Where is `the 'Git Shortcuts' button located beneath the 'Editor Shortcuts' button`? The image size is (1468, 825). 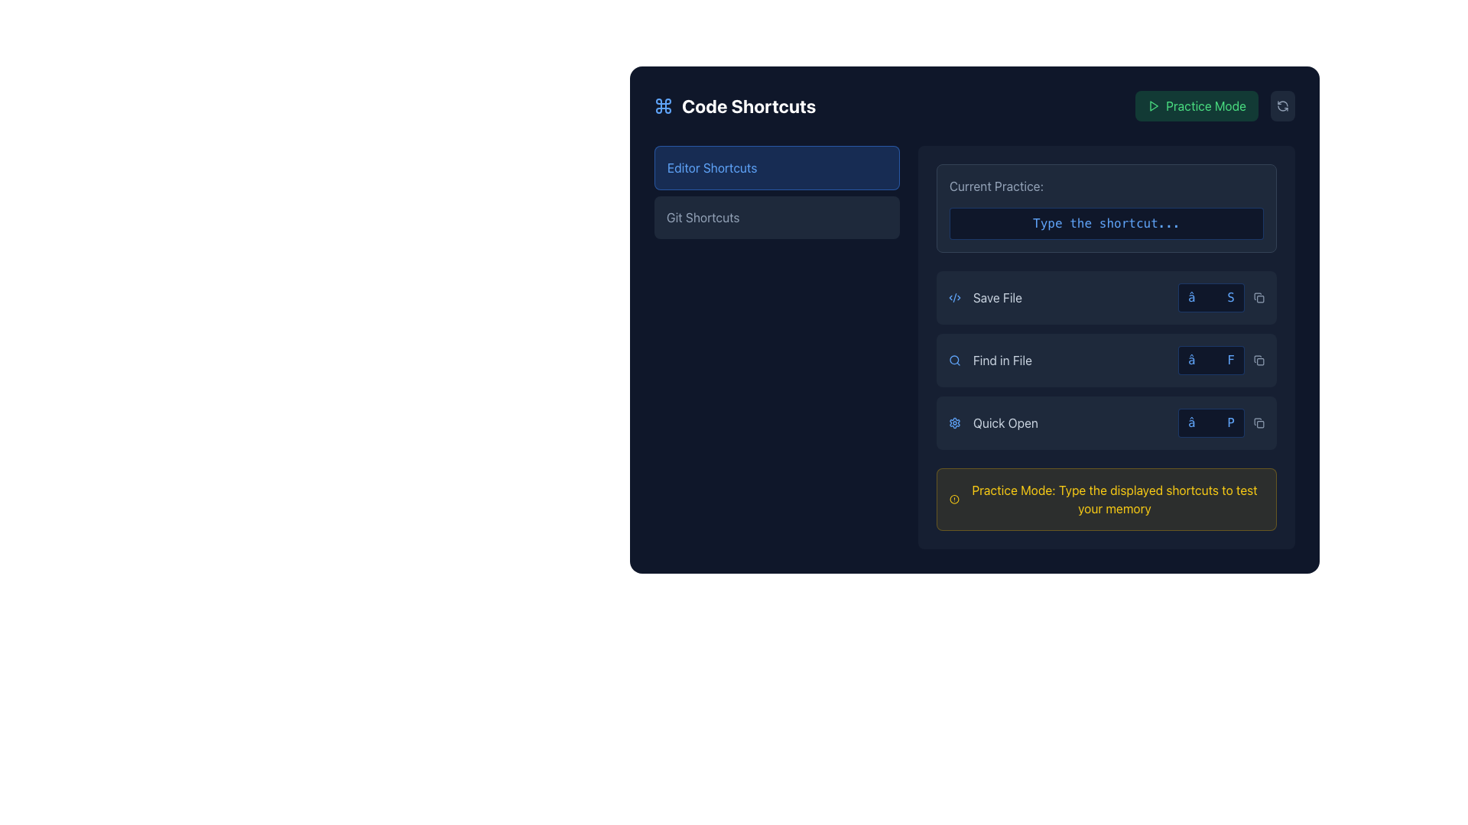
the 'Git Shortcuts' button located beneath the 'Editor Shortcuts' button is located at coordinates (777, 218).